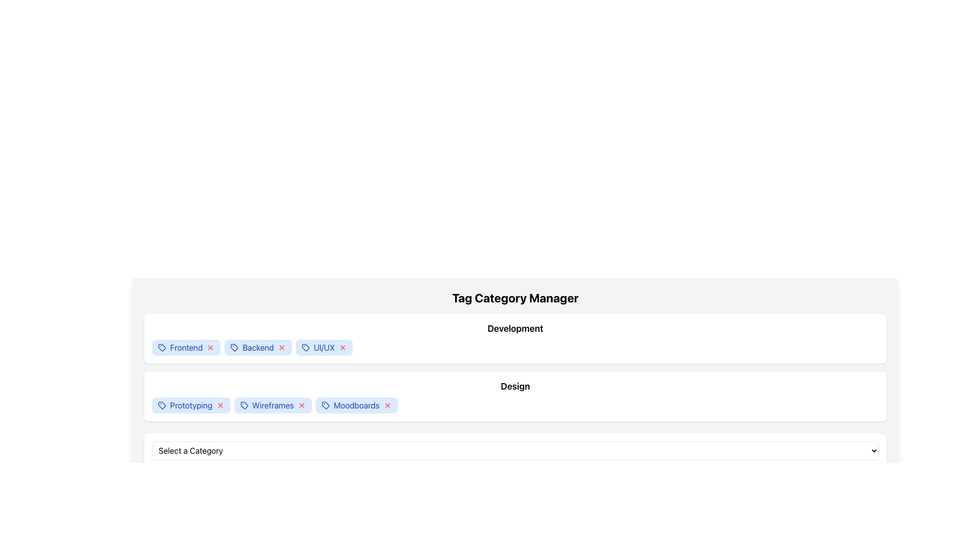 This screenshot has height=538, width=958. Describe the element at coordinates (162, 347) in the screenshot. I see `the tag-shaped icon with a blue border located to the left of the text 'Frontend'` at that location.